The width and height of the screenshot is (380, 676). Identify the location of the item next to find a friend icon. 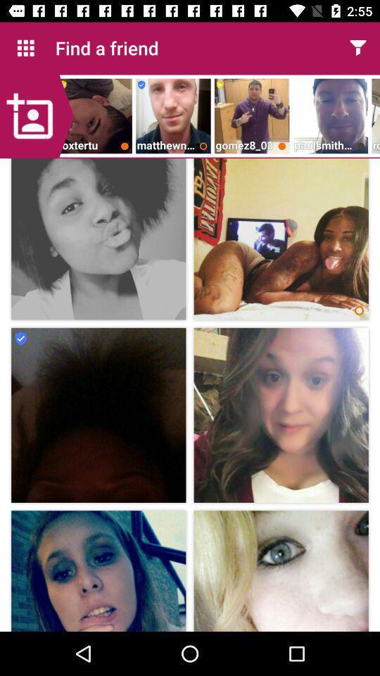
(357, 48).